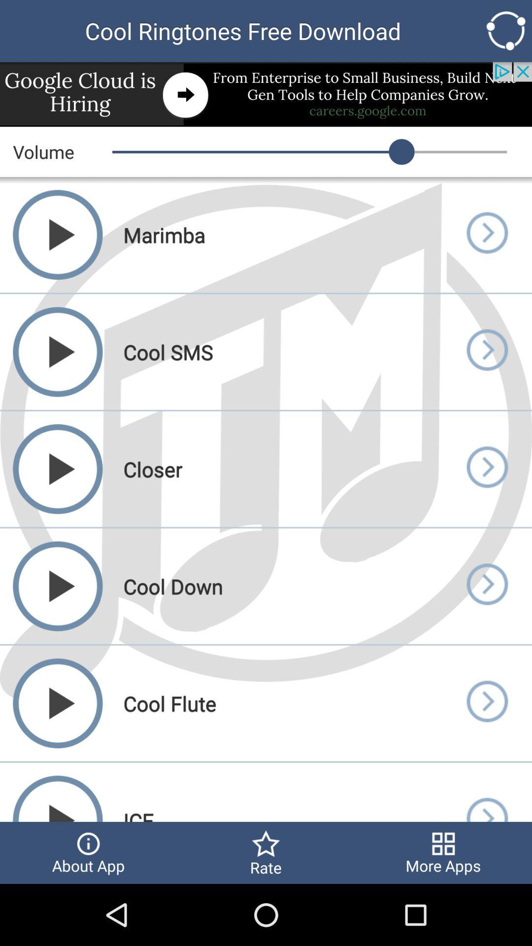  Describe the element at coordinates (486, 586) in the screenshot. I see `the right arrow next to cool down` at that location.